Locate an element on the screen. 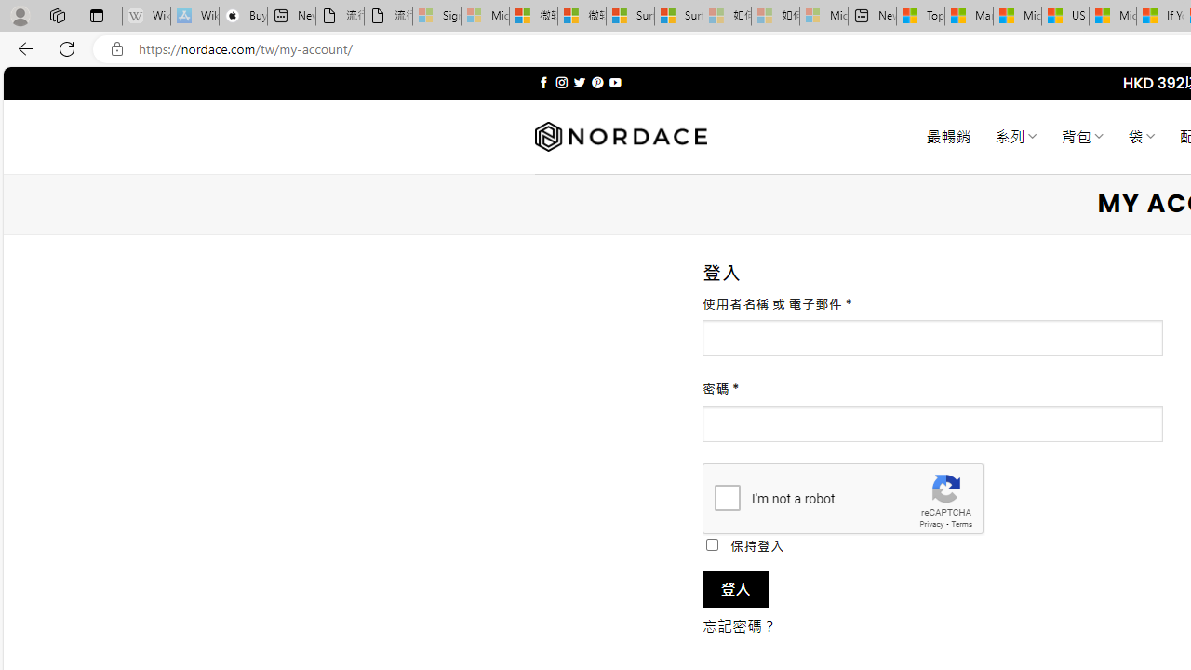  'Microsoft account | Account Checkup - Sleeping' is located at coordinates (823, 16).